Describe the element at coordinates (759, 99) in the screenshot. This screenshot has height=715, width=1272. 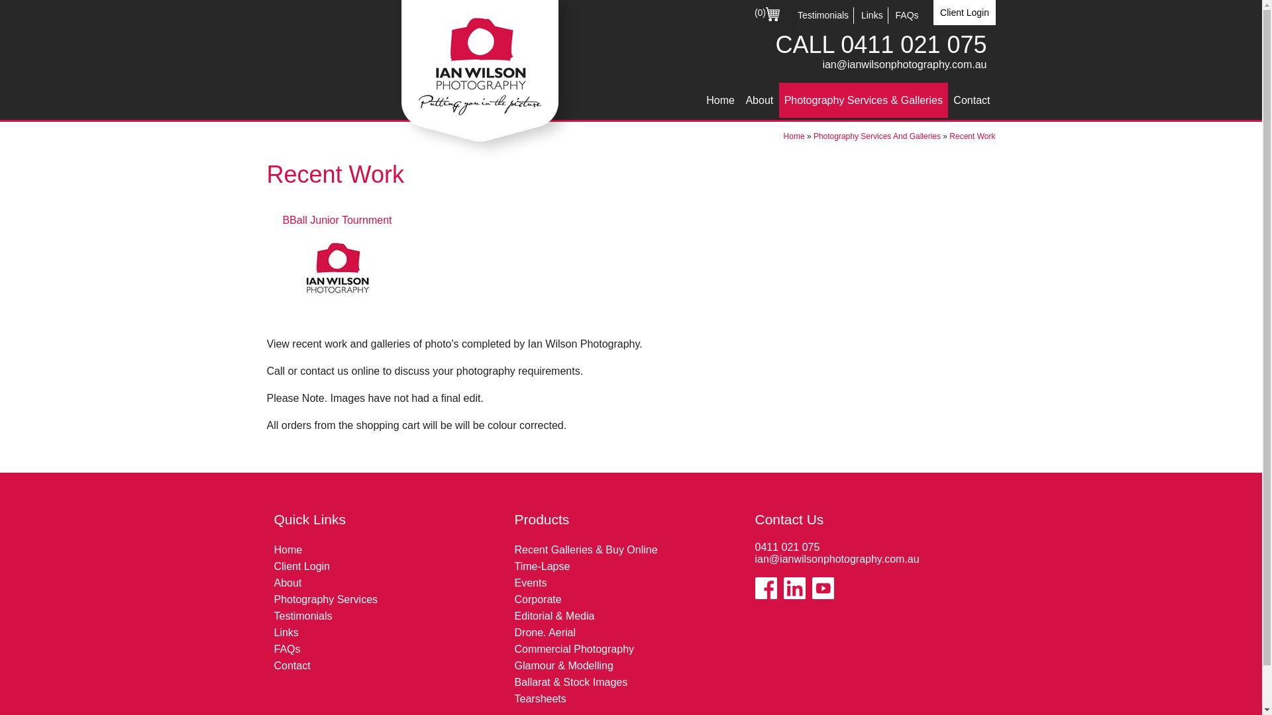
I see `'About'` at that location.